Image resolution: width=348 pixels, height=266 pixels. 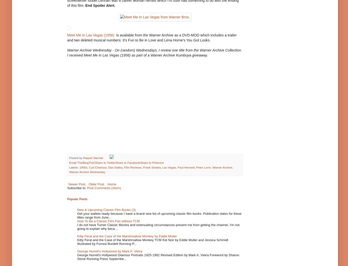 I want to click on 'Las Vegas', so click(x=169, y=167).